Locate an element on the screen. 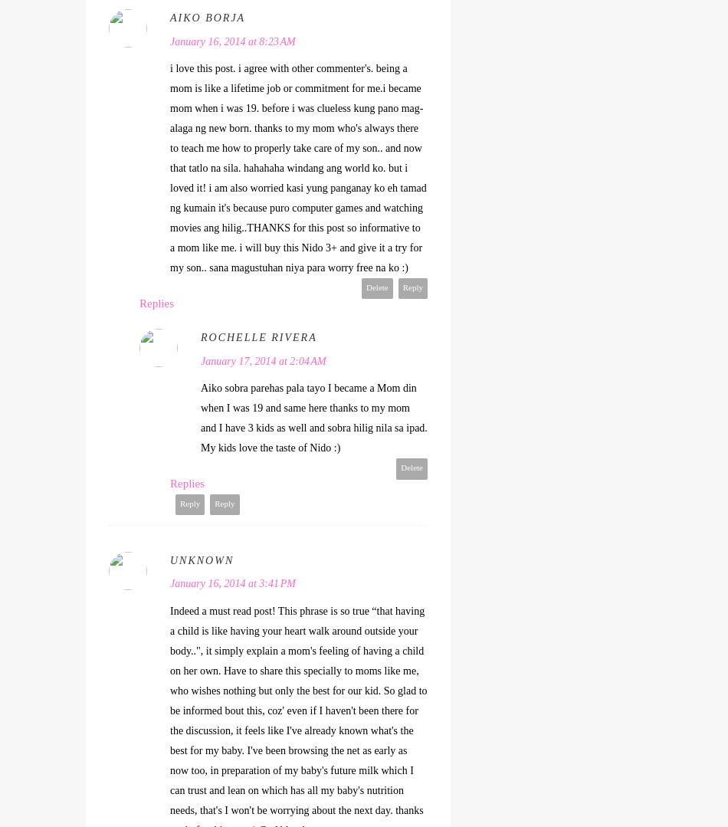 This screenshot has width=728, height=827. 'Unknown' is located at coordinates (201, 559).